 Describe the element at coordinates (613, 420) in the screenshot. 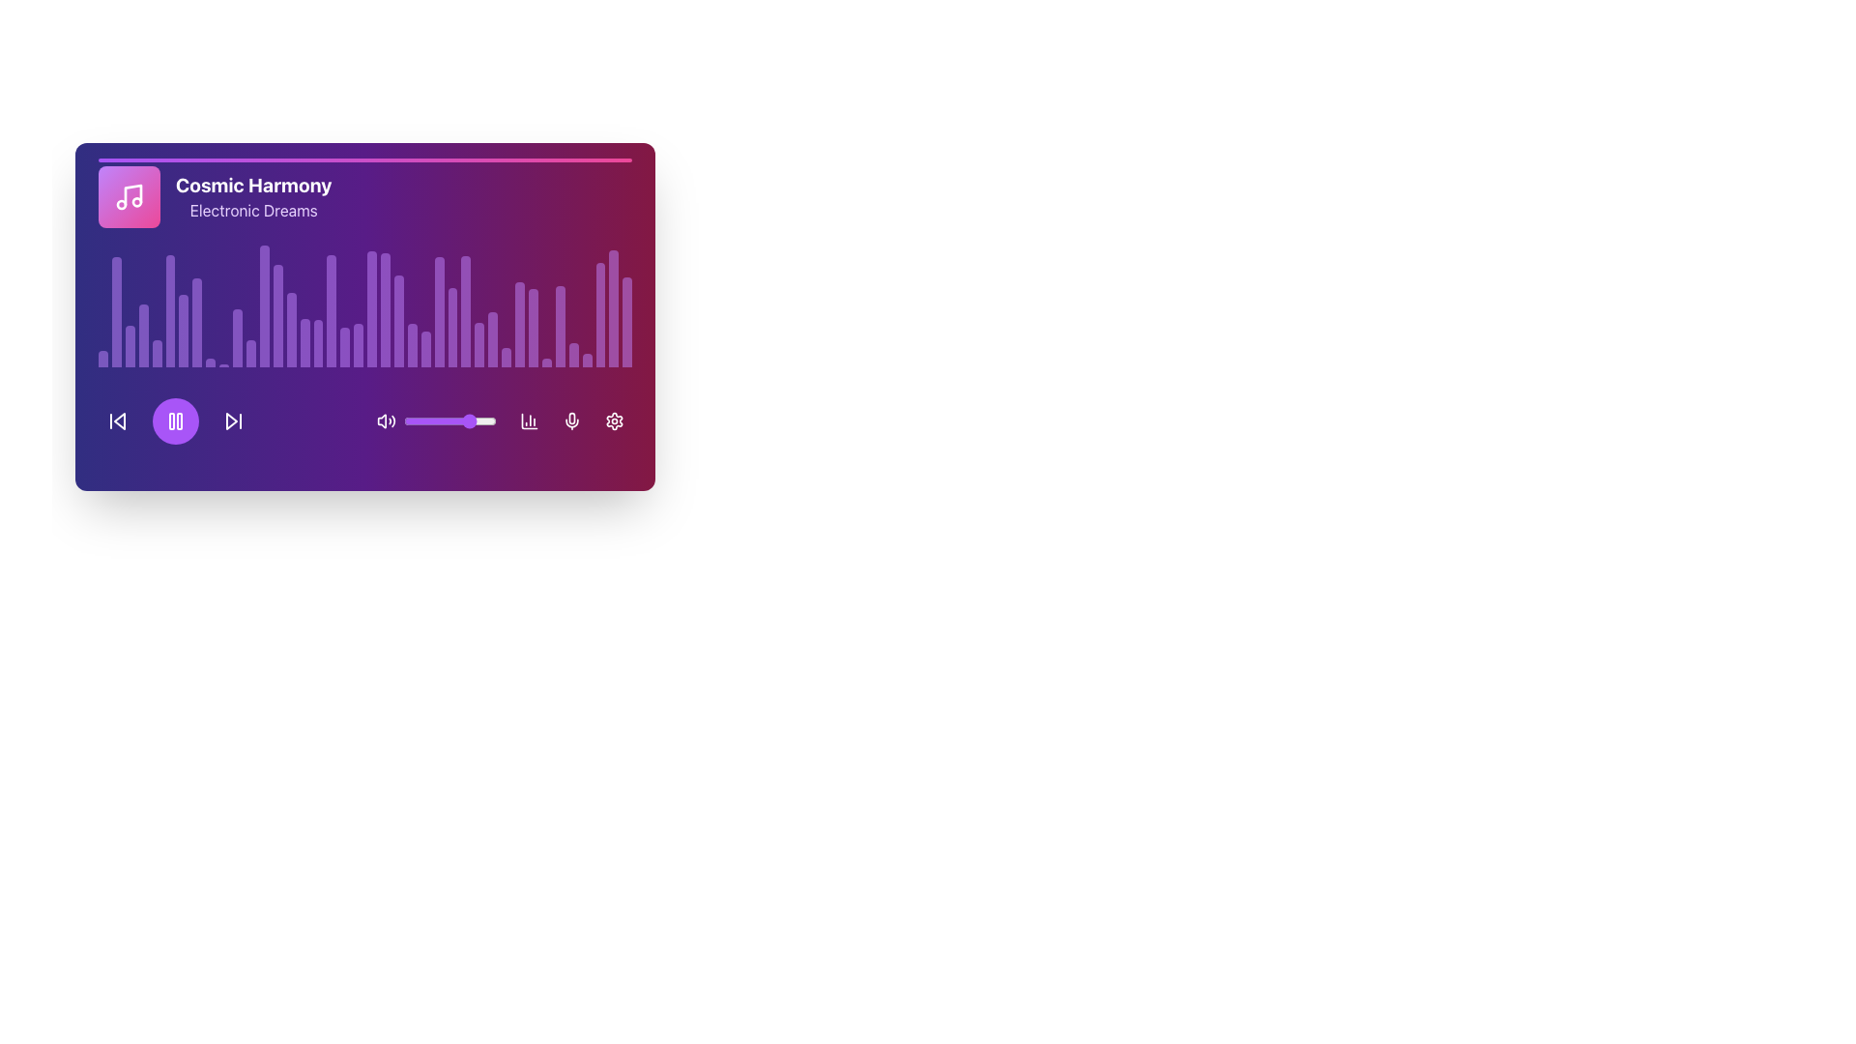

I see `the settings button located at the bottom-right corner of the card, which is the rightmost button next to the microphone icon` at that location.